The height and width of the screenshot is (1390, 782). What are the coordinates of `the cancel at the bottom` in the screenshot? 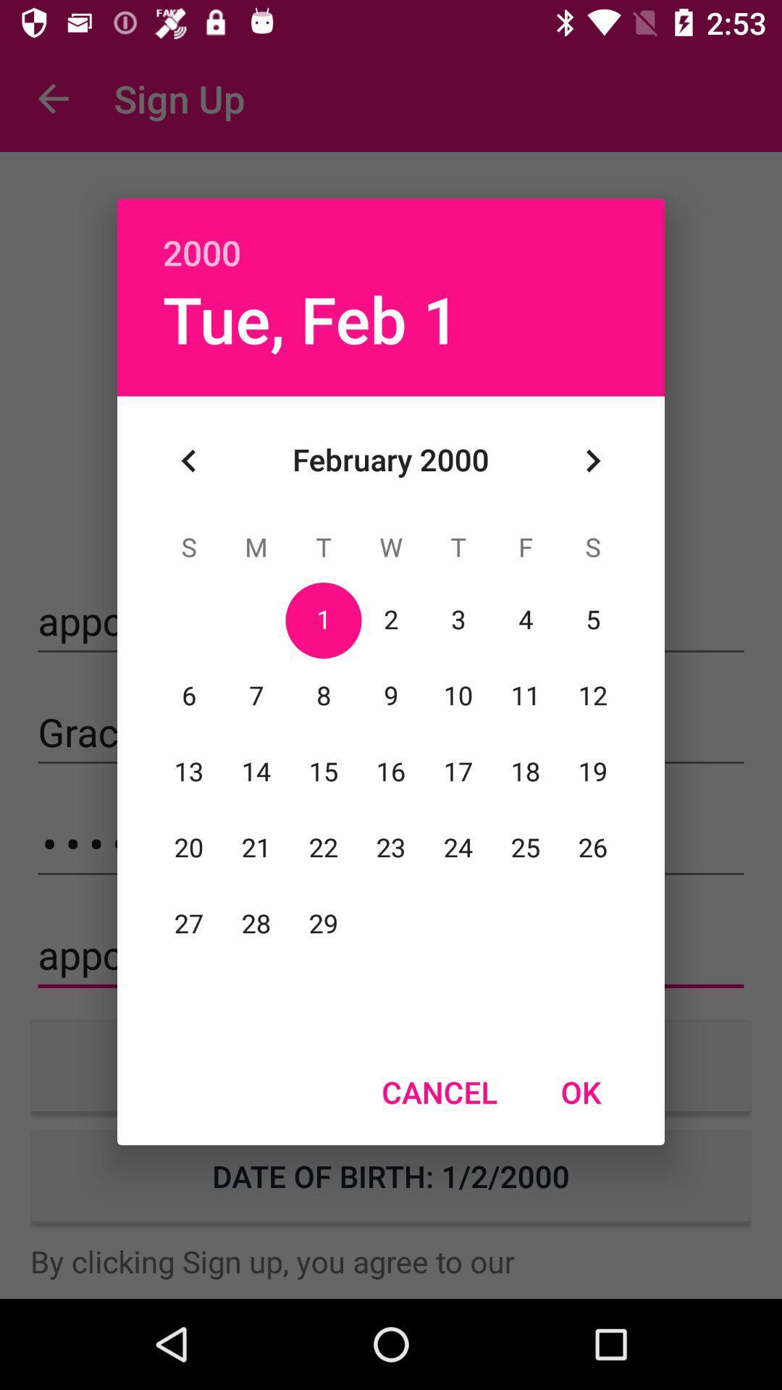 It's located at (439, 1092).